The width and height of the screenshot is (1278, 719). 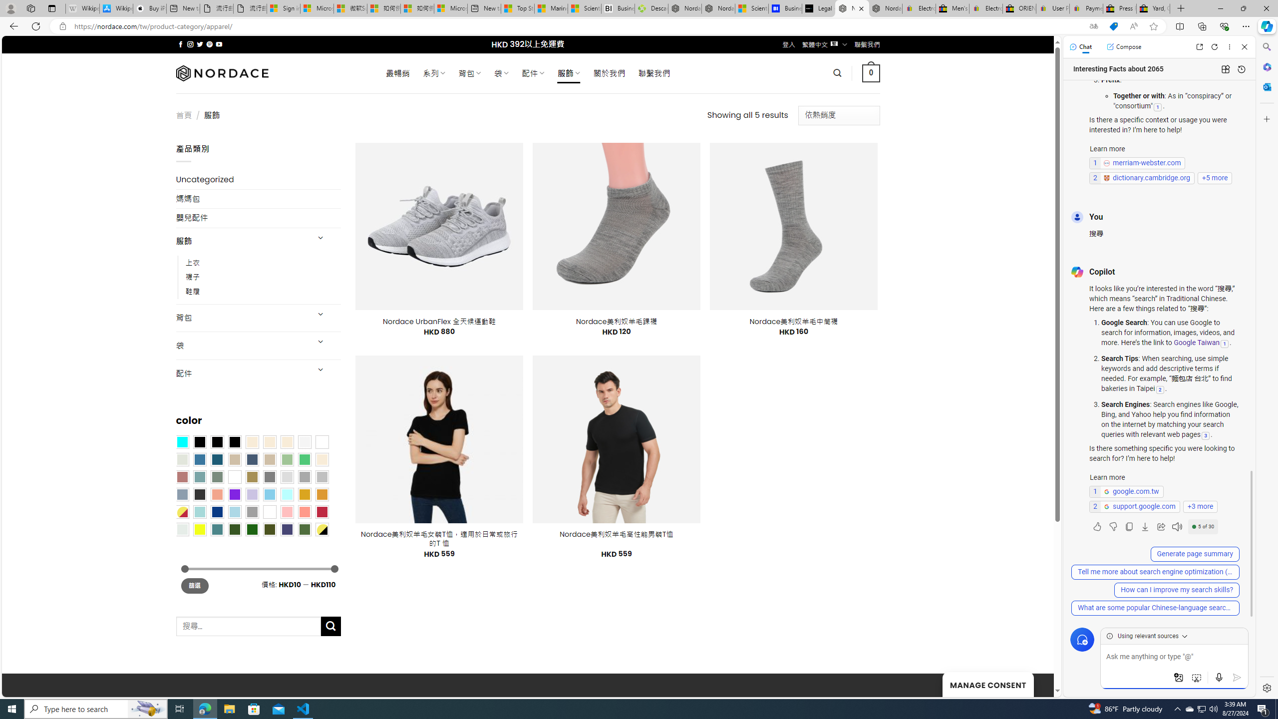 What do you see at coordinates (208, 44) in the screenshot?
I see `'Follow on Pinterest'` at bounding box center [208, 44].